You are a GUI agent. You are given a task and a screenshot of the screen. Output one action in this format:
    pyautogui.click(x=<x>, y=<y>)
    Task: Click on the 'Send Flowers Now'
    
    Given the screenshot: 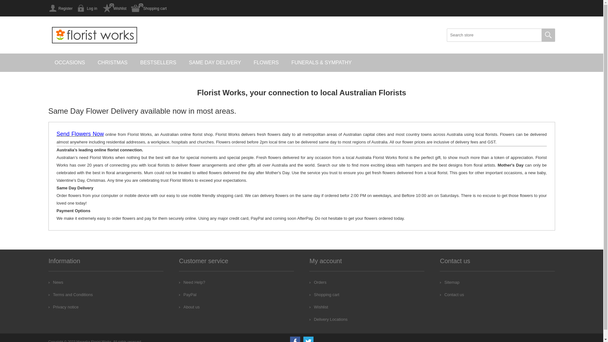 What is the action you would take?
    pyautogui.click(x=79, y=134)
    